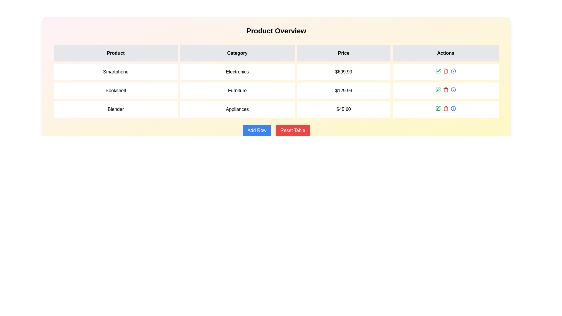 The width and height of the screenshot is (562, 316). Describe the element at coordinates (237, 72) in the screenshot. I see `the text label displaying 'Electronics', which is located in the second cell of the first row under the 'Category' column in a table layout` at that location.